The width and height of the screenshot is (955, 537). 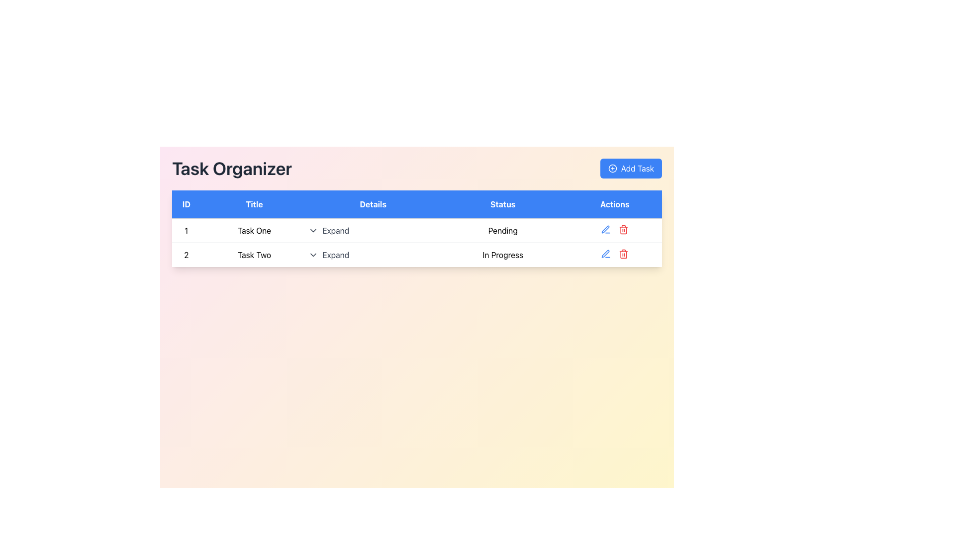 I want to click on the blue header section labeled 'Details', which is the third column header in a sequence of five headers, positioned between 'Title' and 'Status', so click(x=373, y=204).